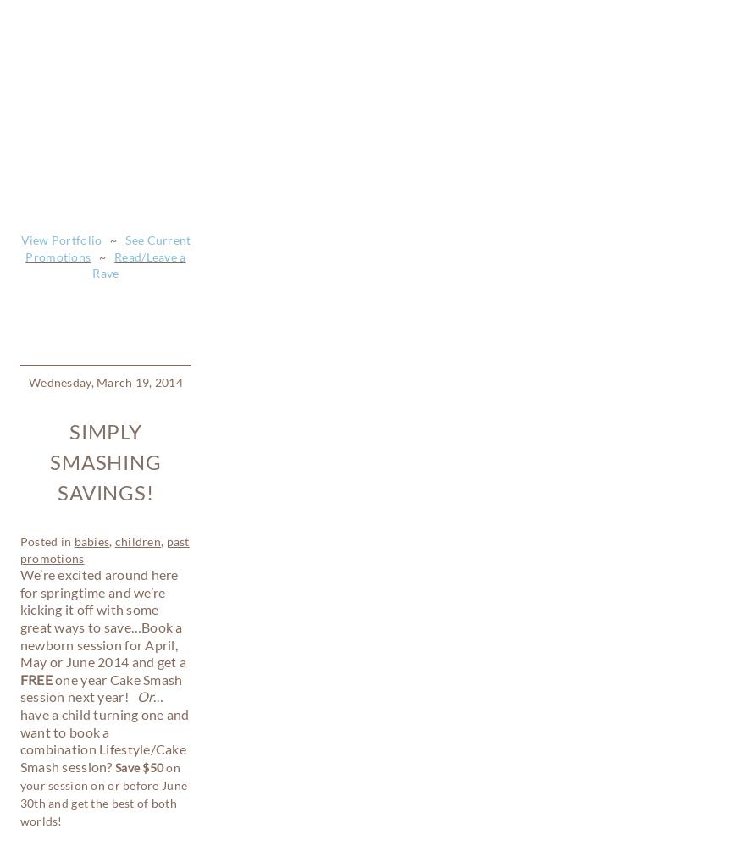 This screenshot has width=752, height=862. What do you see at coordinates (106, 607) in the screenshot?
I see `'Click here to see some great behind-the-scenes footage!'` at bounding box center [106, 607].